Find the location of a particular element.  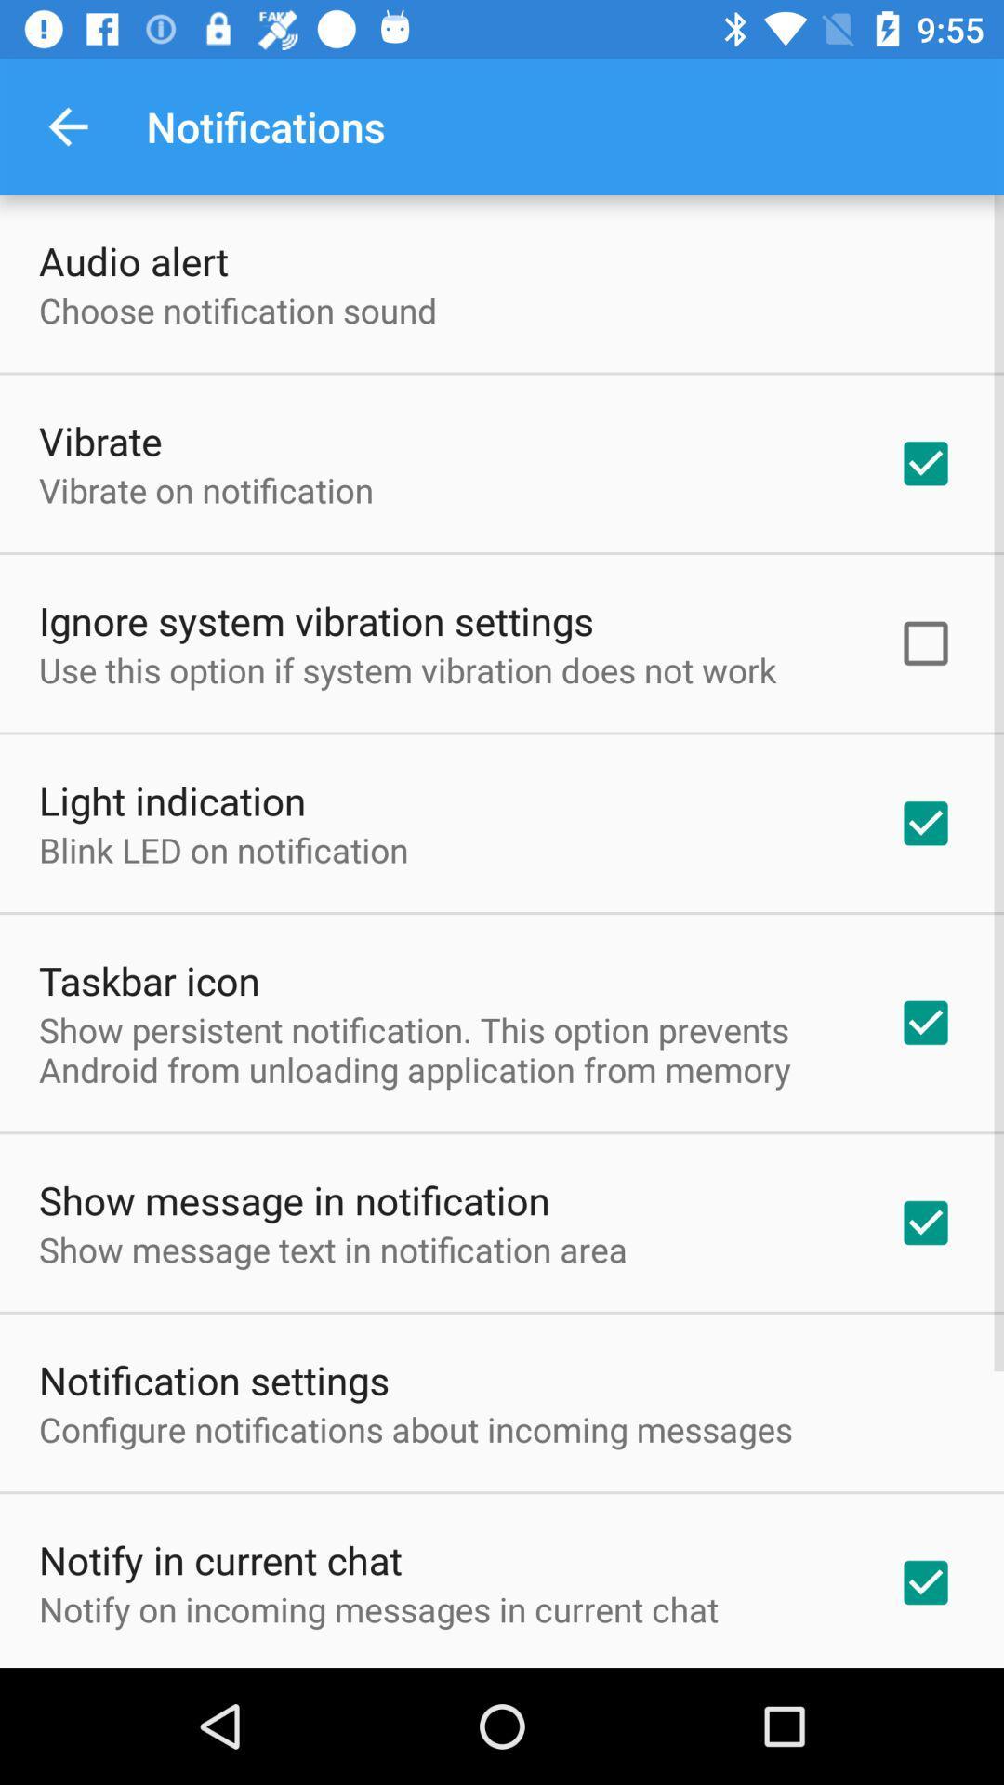

the audio alert item is located at coordinates (132, 259).